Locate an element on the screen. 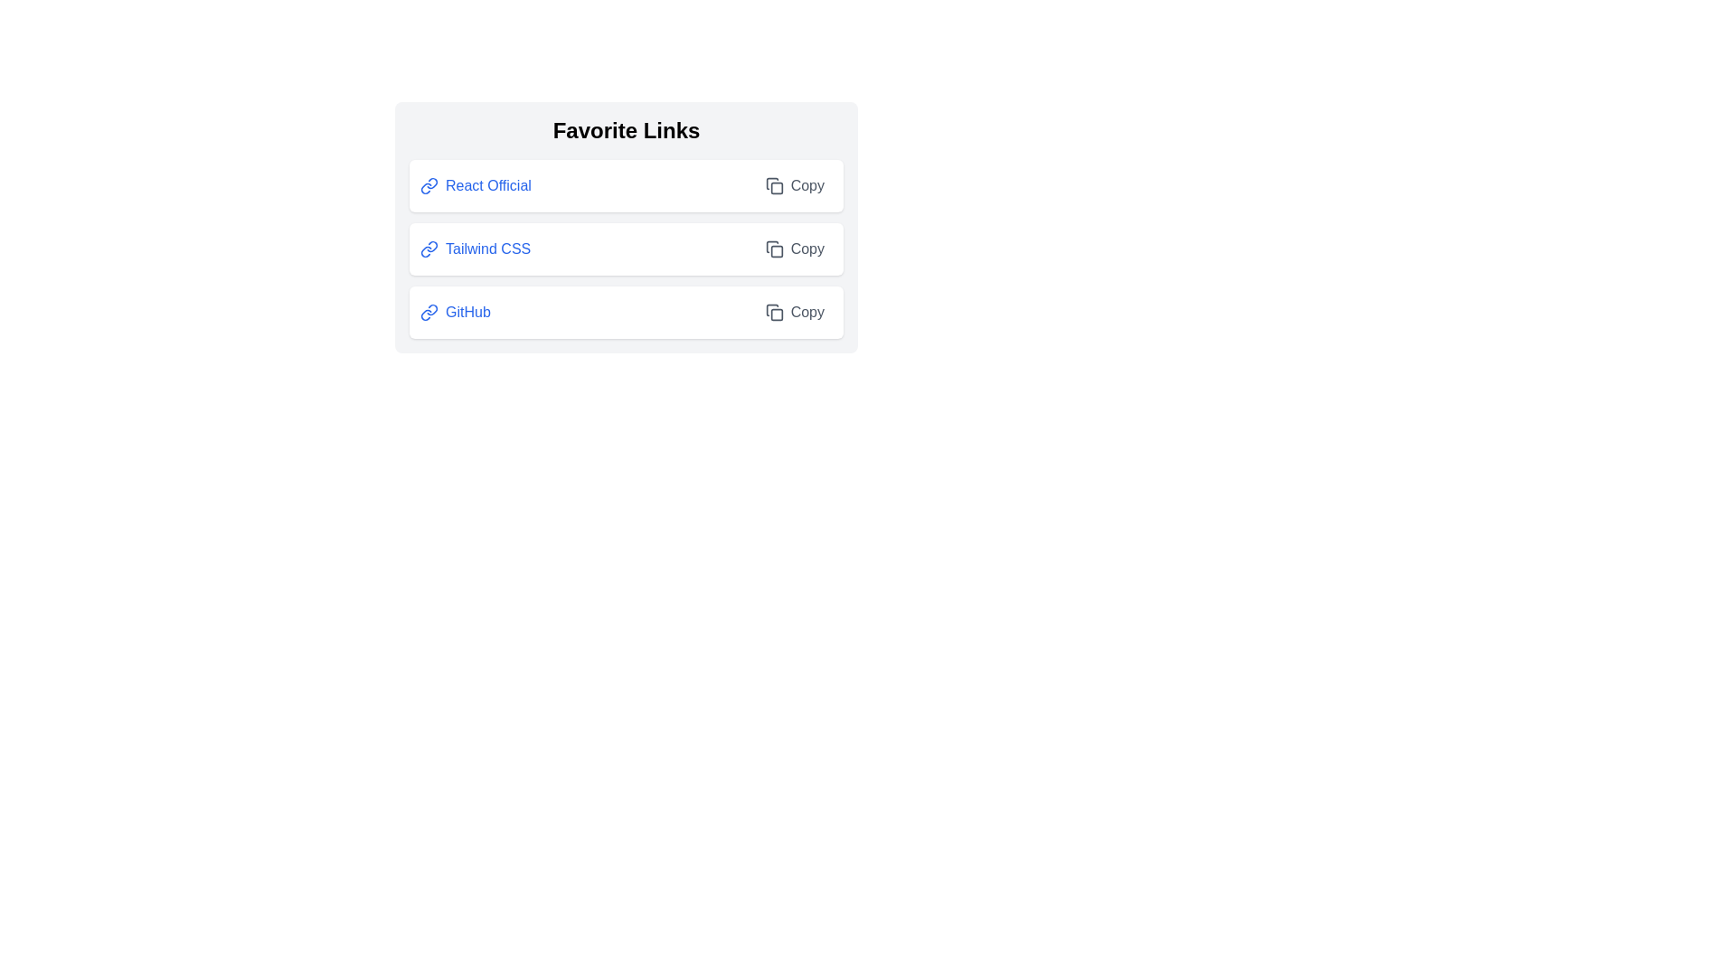 Image resolution: width=1736 pixels, height=976 pixels. the first icon in the right-hand column adjacent to the 'React Official' text is located at coordinates (774, 185).